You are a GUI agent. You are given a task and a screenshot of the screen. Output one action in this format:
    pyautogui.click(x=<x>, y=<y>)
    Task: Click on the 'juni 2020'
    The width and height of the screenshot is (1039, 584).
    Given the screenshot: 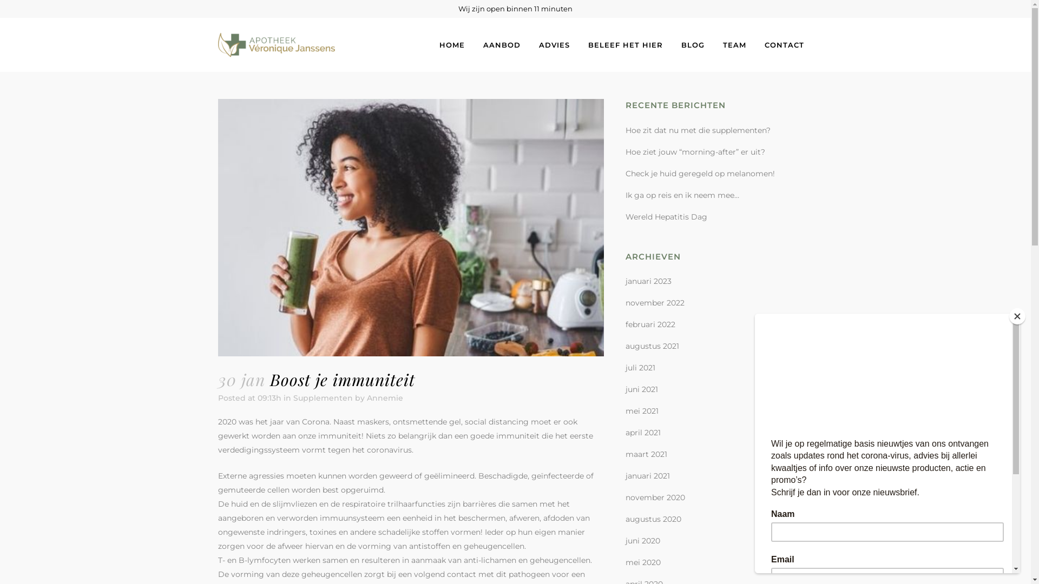 What is the action you would take?
    pyautogui.click(x=626, y=540)
    